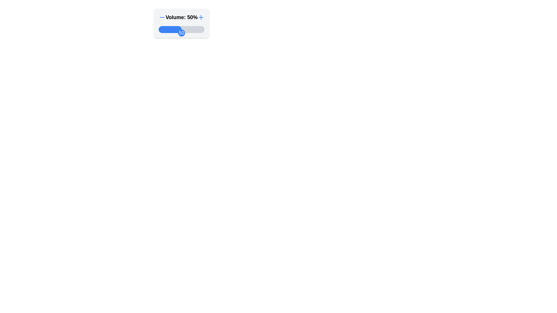 Image resolution: width=557 pixels, height=313 pixels. Describe the element at coordinates (201, 17) in the screenshot. I see `the plus sign button located to the right of the text 'Volume: 50%'` at that location.